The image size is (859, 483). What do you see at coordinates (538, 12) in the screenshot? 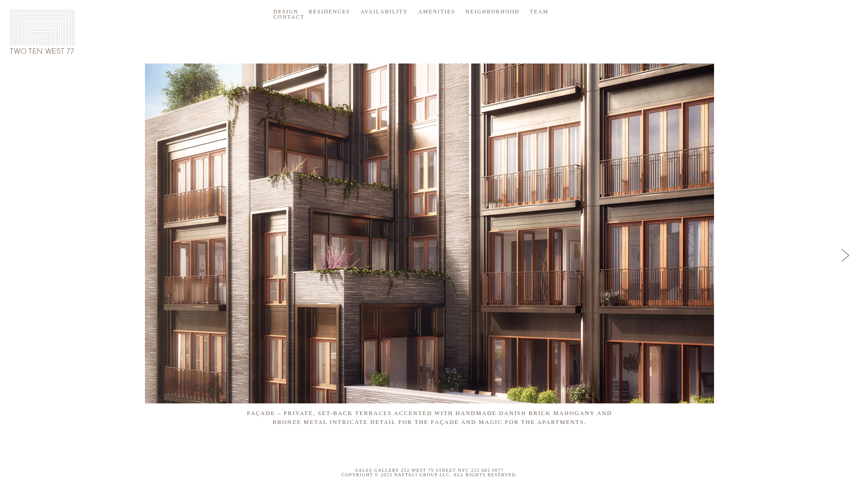
I see `'TEAM'` at bounding box center [538, 12].